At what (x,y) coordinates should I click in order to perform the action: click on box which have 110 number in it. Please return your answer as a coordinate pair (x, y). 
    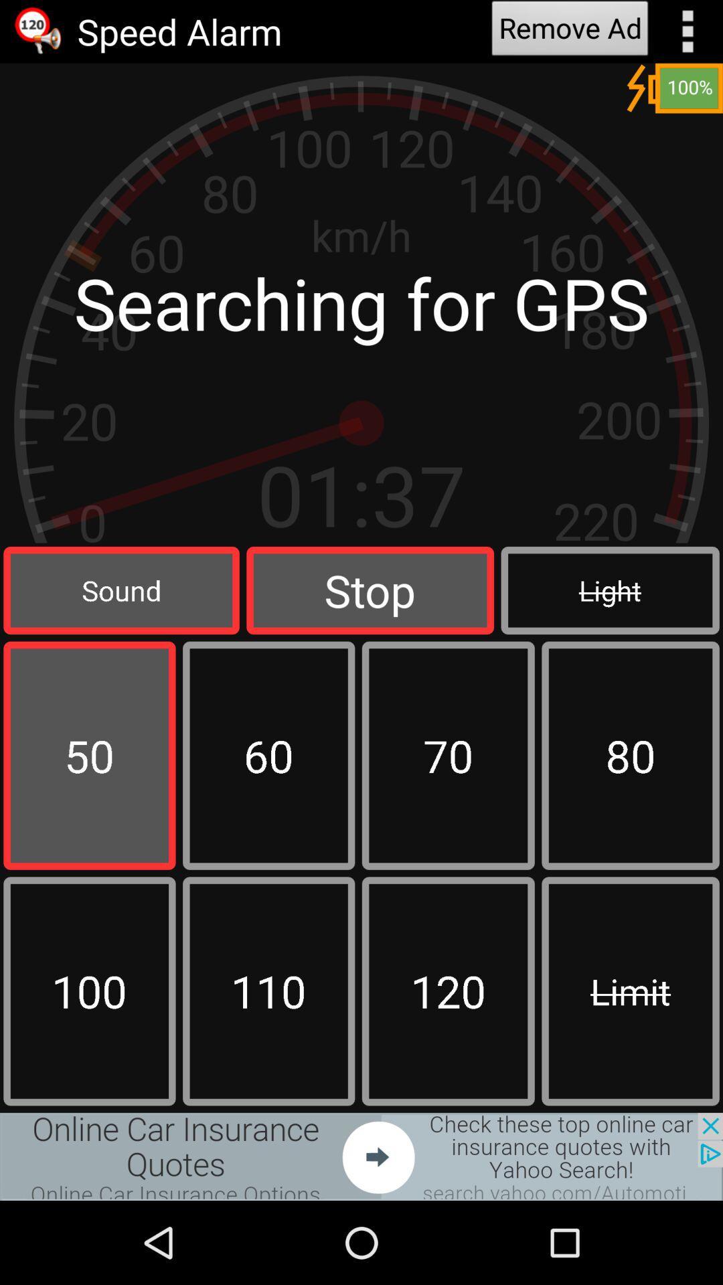
    Looking at the image, I should click on (268, 991).